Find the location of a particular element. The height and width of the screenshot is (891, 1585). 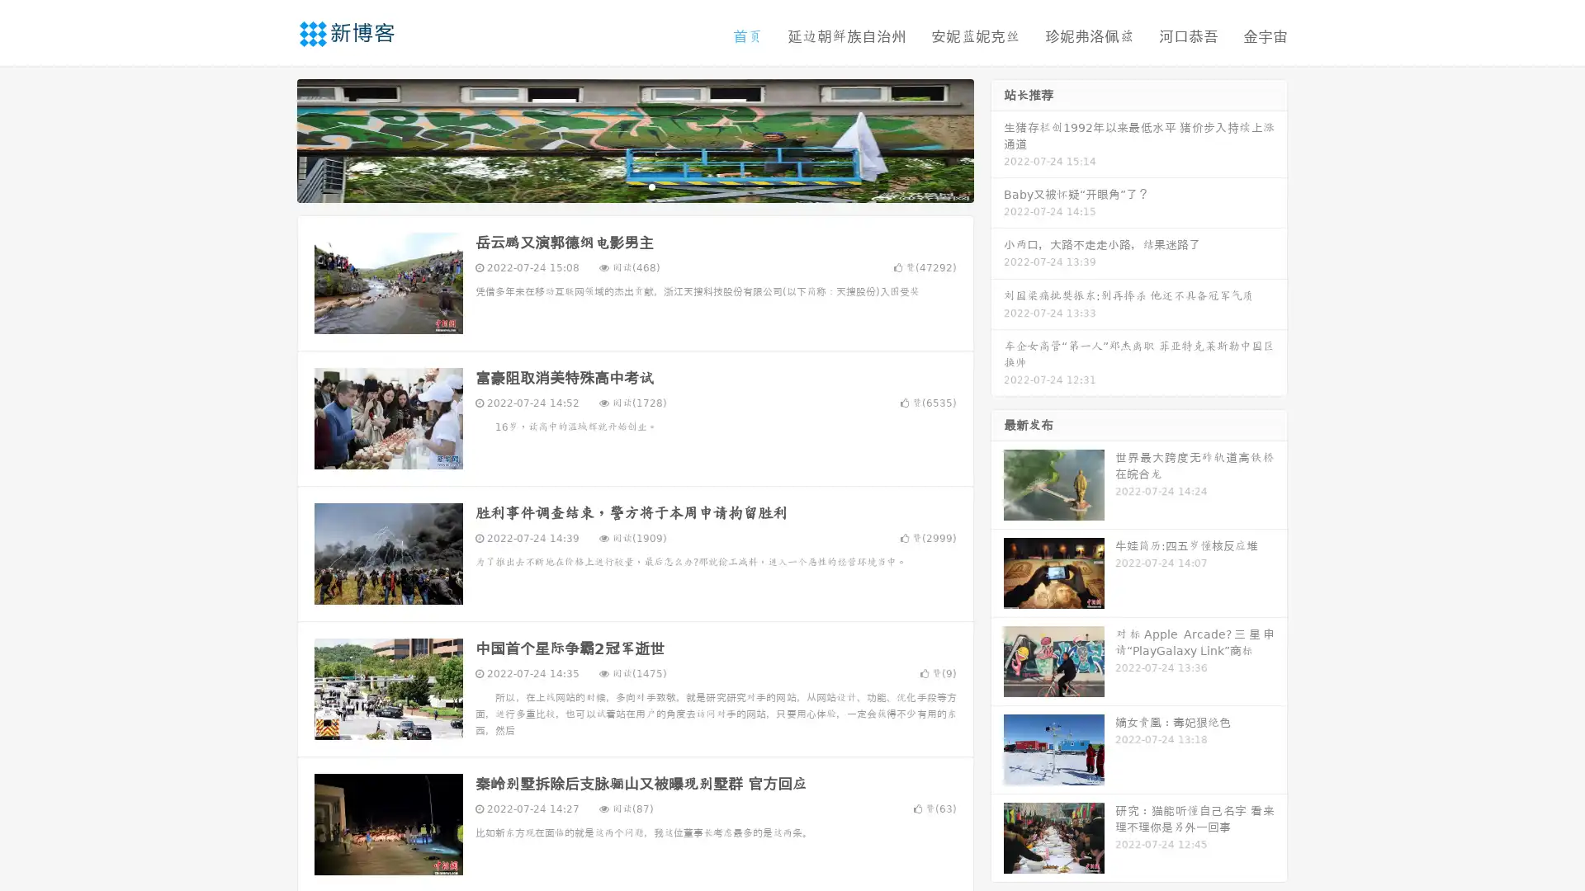

Go to slide 2 is located at coordinates (634, 186).